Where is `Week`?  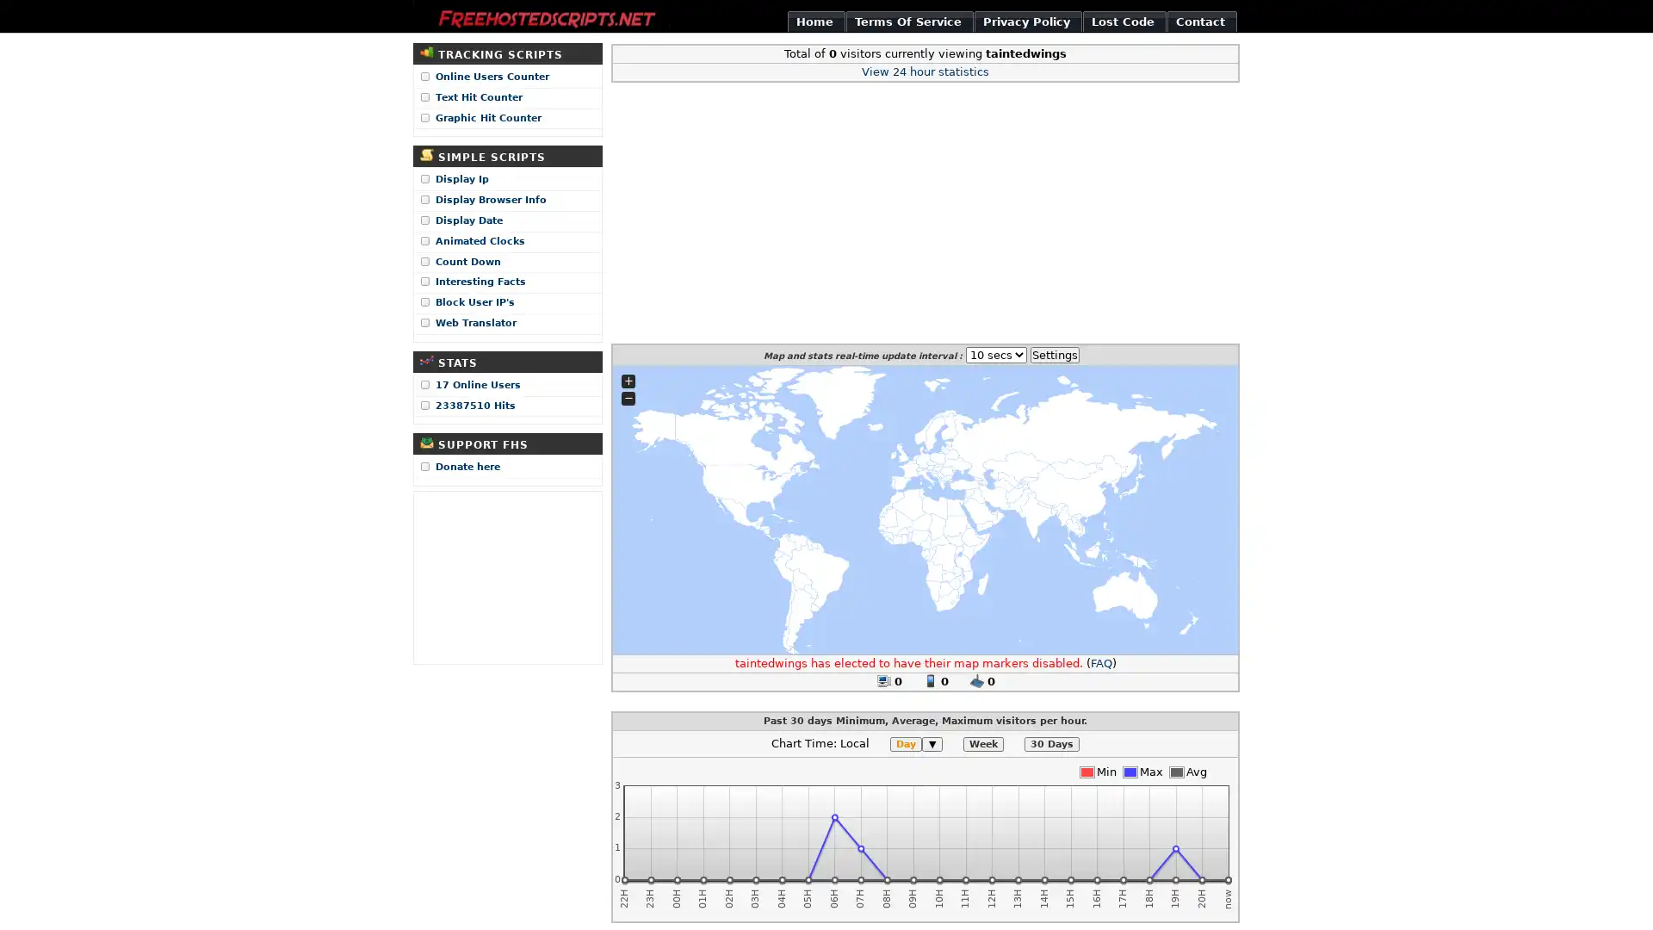 Week is located at coordinates (983, 743).